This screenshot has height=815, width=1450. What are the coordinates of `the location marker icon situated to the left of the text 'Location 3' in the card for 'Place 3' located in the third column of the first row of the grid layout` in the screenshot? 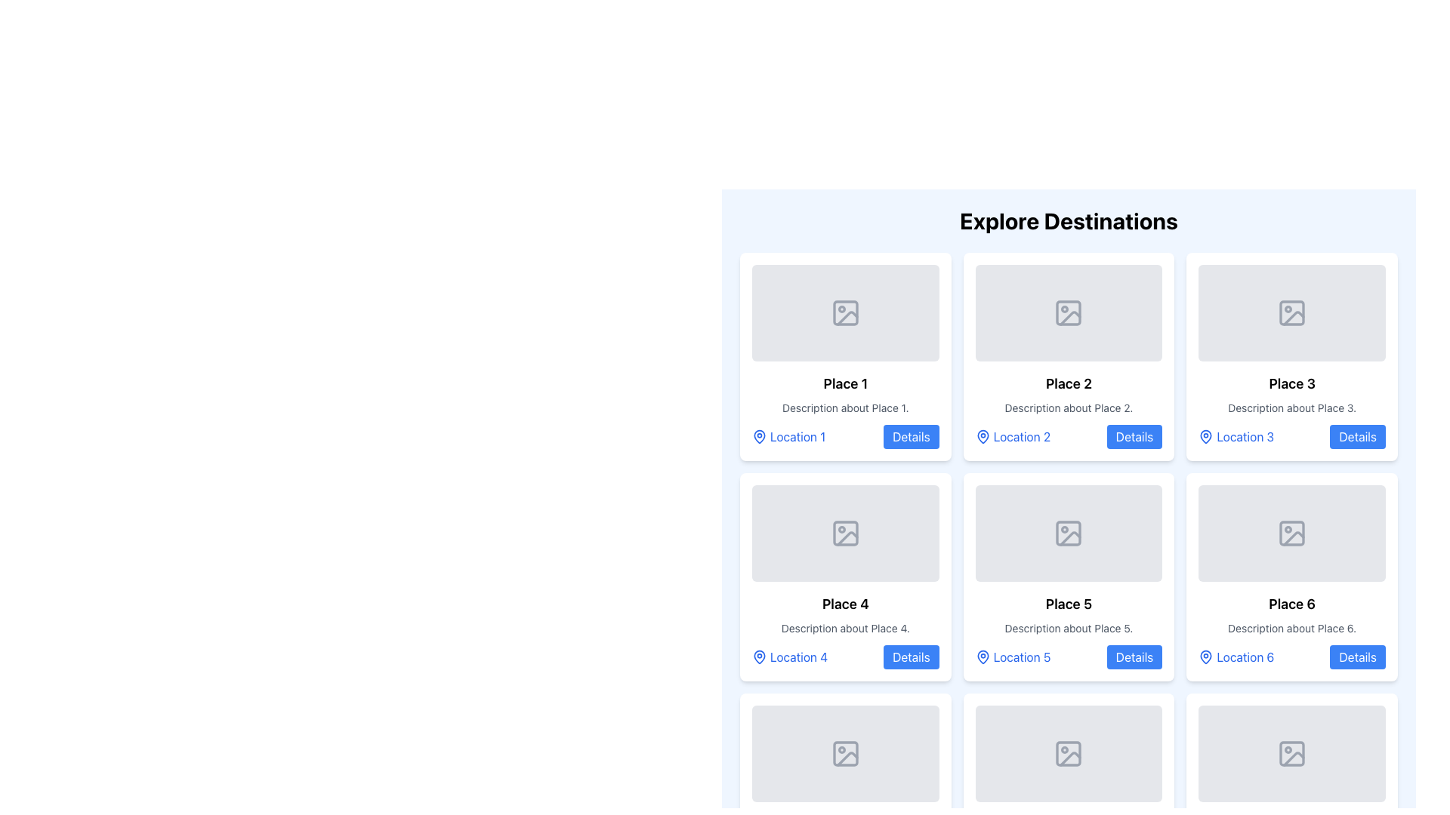 It's located at (1205, 436).